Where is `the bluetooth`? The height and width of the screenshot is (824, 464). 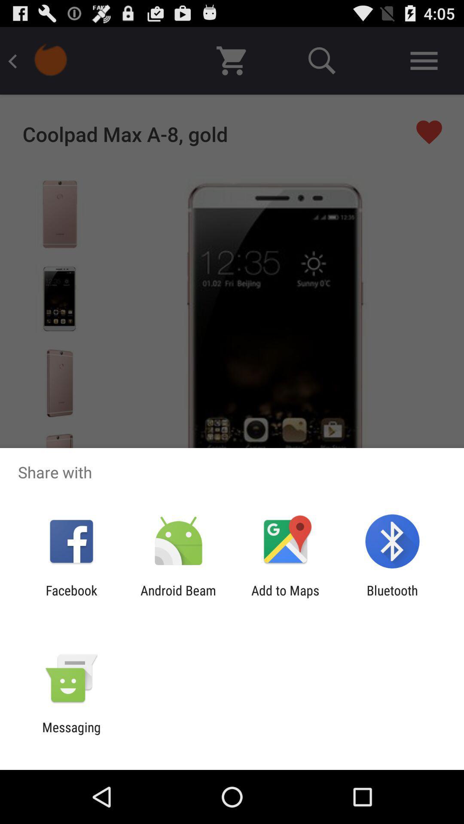
the bluetooth is located at coordinates (392, 597).